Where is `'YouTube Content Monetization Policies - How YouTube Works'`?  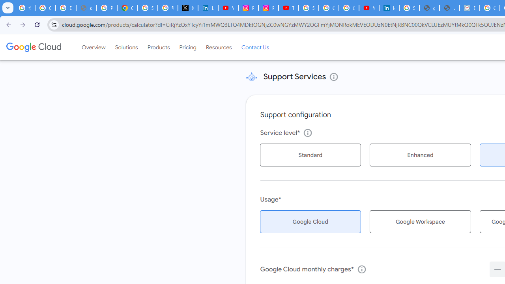
'YouTube Content Monetization Policies - How YouTube Works' is located at coordinates (228, 8).